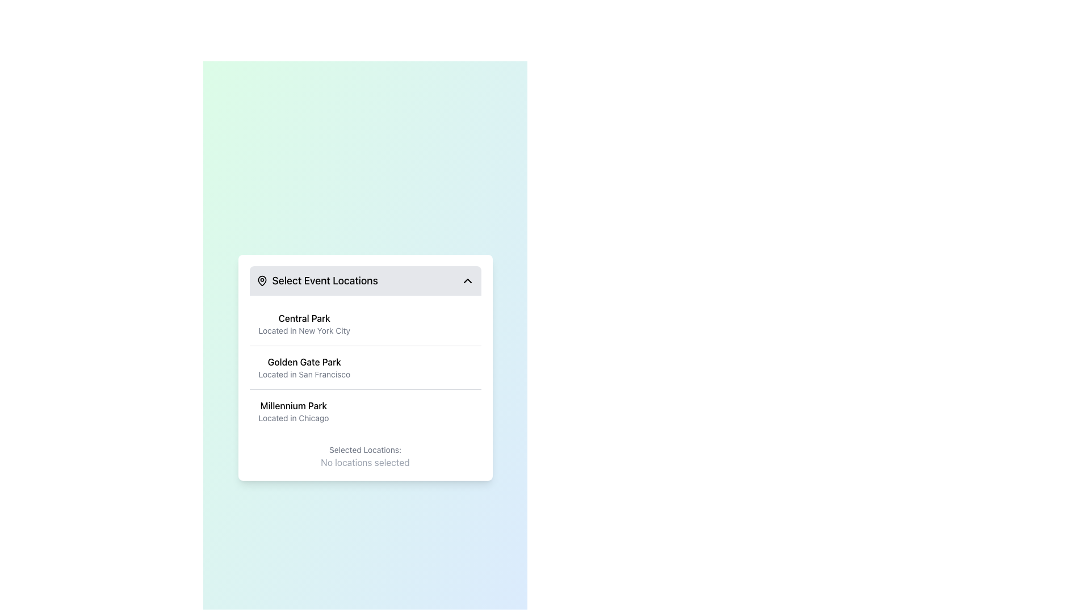 Image resolution: width=1090 pixels, height=613 pixels. What do you see at coordinates (304, 374) in the screenshot?
I see `the informative label reading 'Located in San Francisco', which is styled in small gray font and positioned directly below the heading 'Golden Gate Park'` at bounding box center [304, 374].